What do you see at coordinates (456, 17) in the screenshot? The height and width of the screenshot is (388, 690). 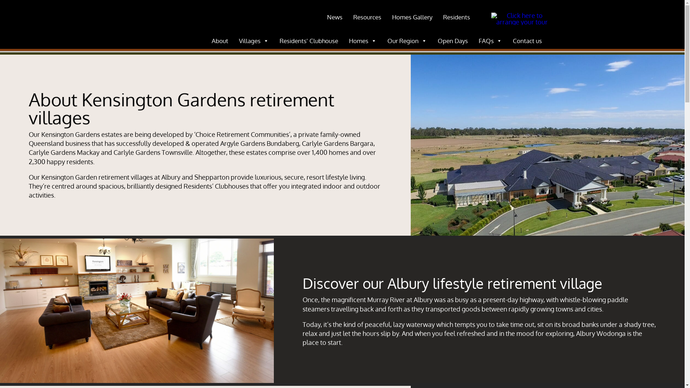 I see `'Residents'` at bounding box center [456, 17].